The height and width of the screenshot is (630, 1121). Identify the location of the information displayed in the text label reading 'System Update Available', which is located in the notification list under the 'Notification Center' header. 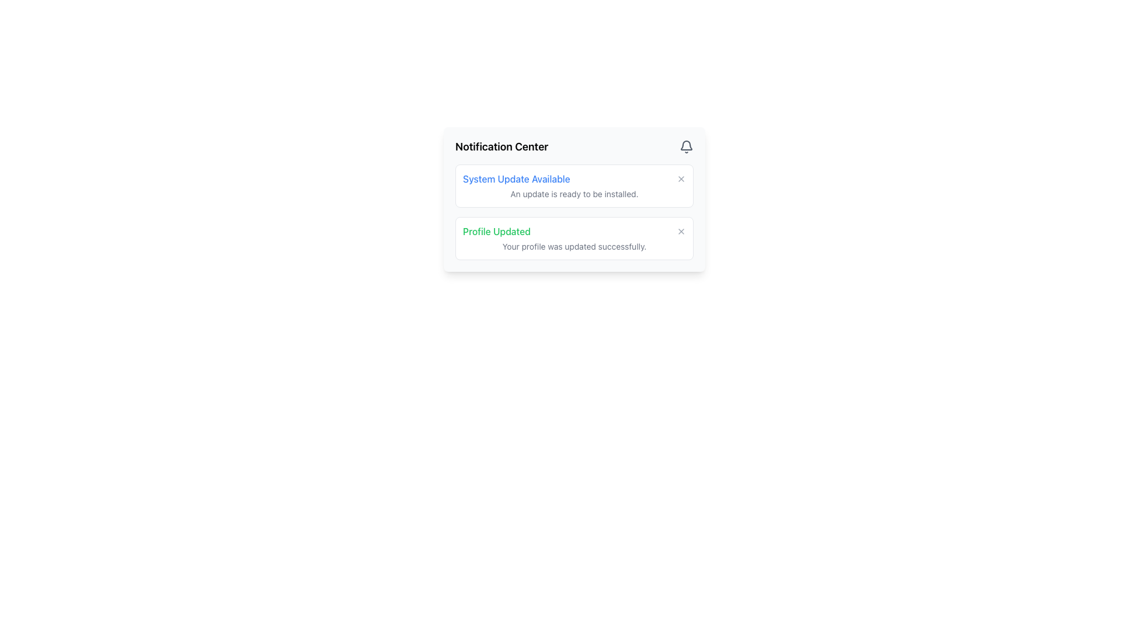
(516, 179).